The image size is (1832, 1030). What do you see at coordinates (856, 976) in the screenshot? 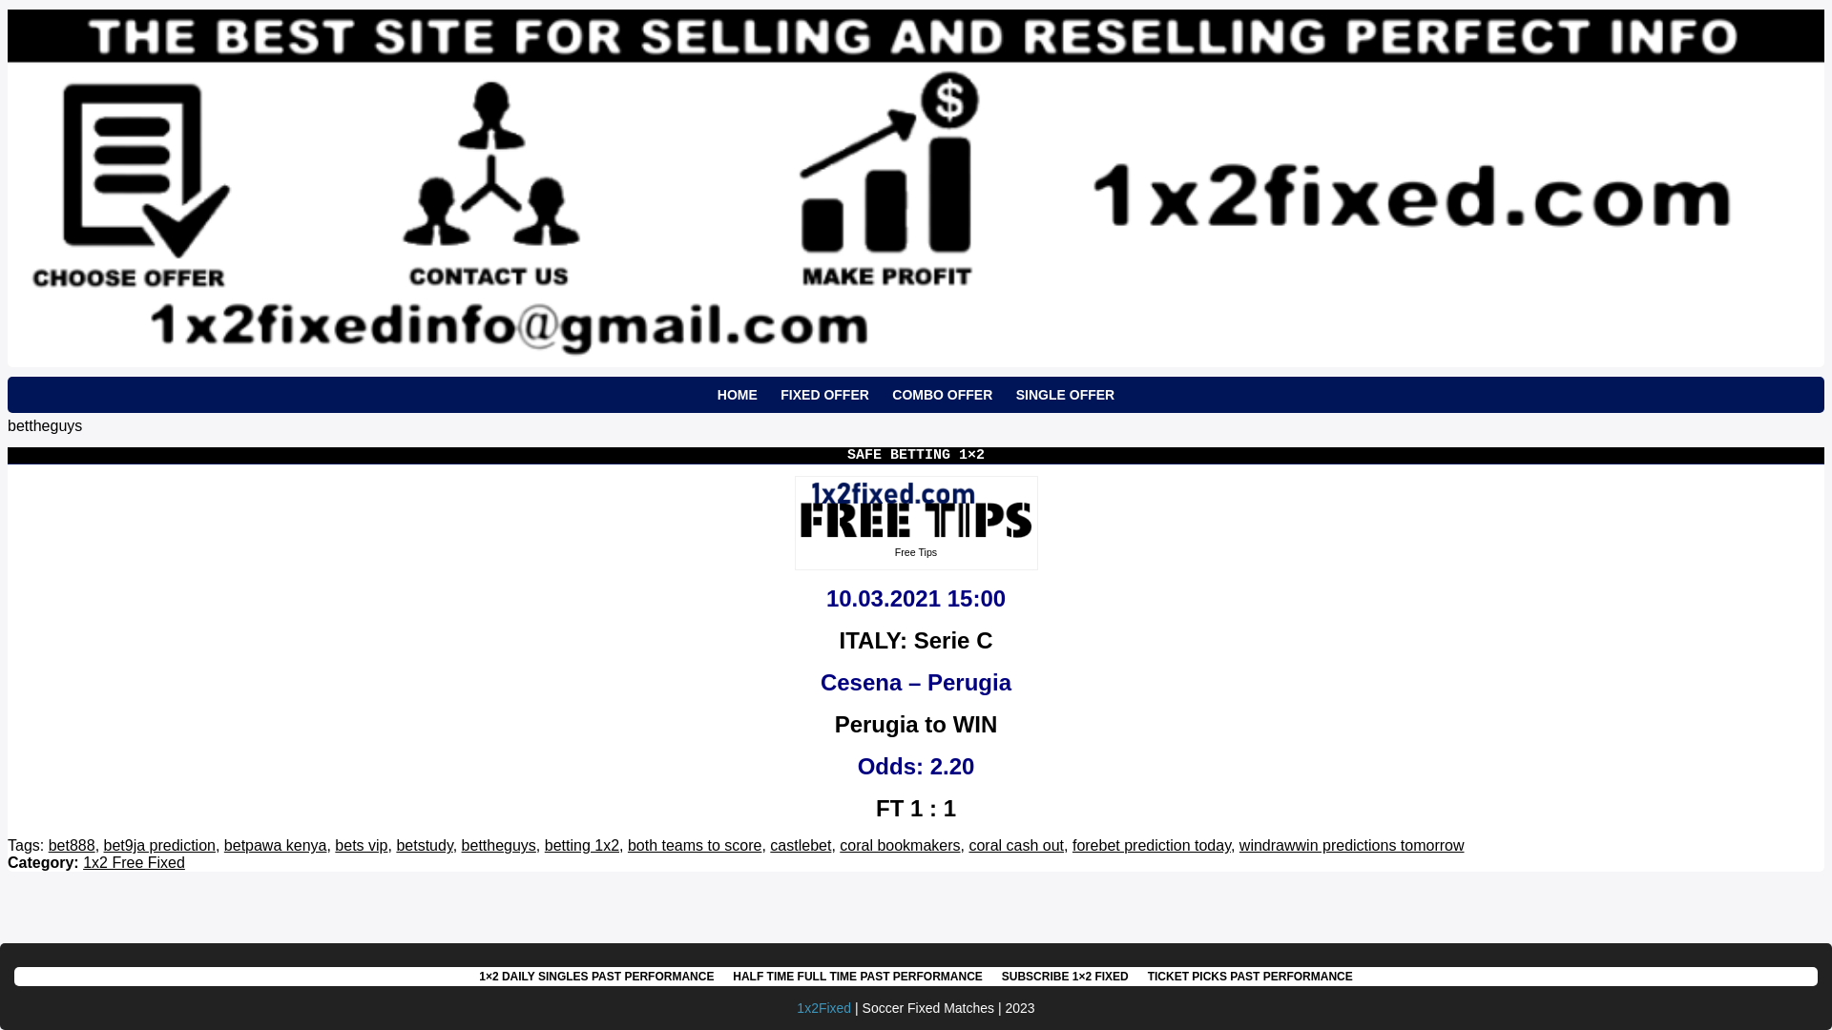
I see `'HALF TIME FULL TIME PAST PERFORMANCE'` at bounding box center [856, 976].